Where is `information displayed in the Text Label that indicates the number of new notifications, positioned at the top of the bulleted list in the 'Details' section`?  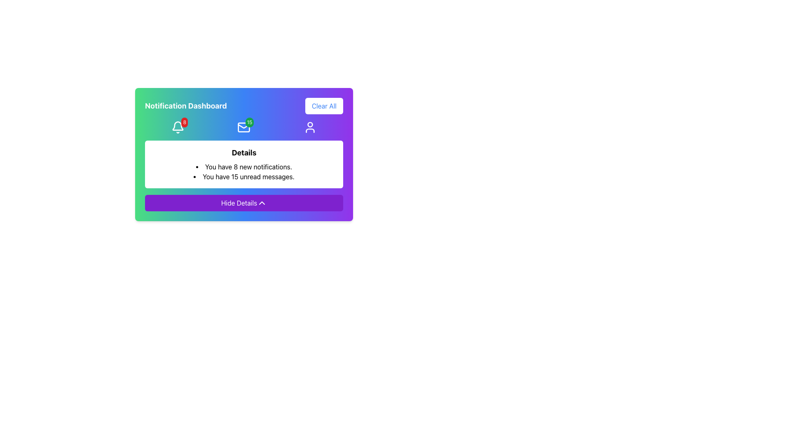 information displayed in the Text Label that indicates the number of new notifications, positioned at the top of the bulleted list in the 'Details' section is located at coordinates (243, 166).